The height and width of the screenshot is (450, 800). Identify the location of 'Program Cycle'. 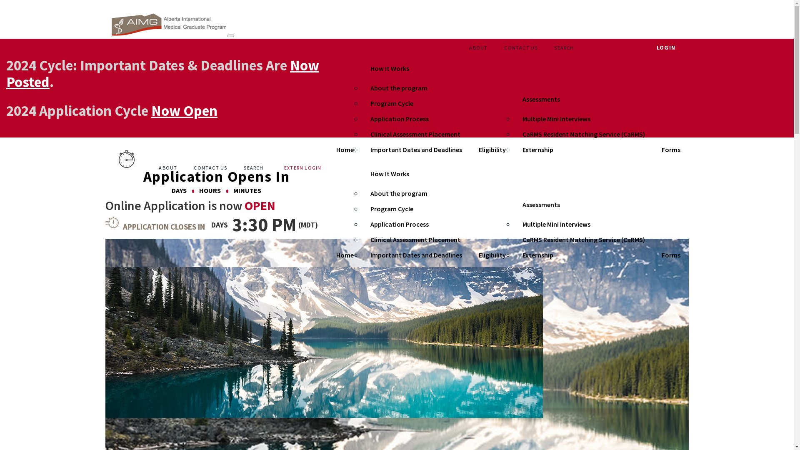
(416, 103).